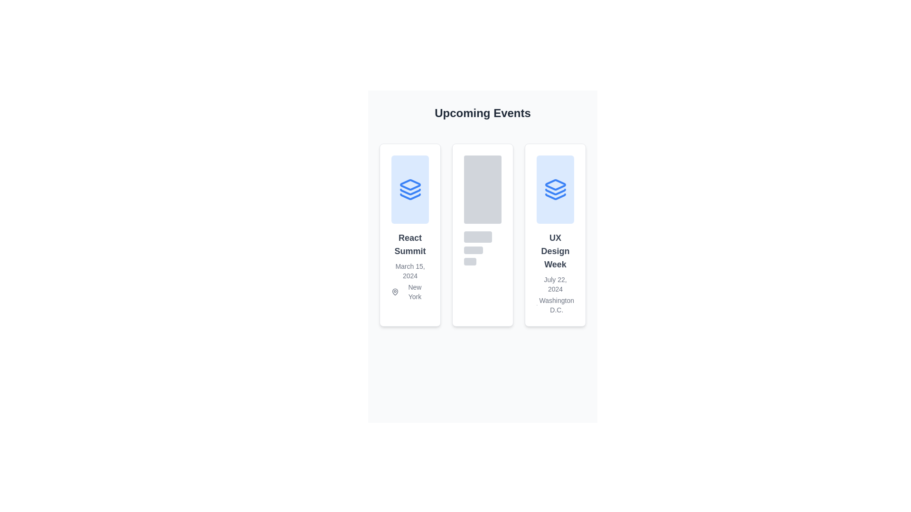  What do you see at coordinates (395, 292) in the screenshot?
I see `the visual marker icon representing a location in connection with the event displayed above, located under the text 'New York' in the leftmost card` at bounding box center [395, 292].